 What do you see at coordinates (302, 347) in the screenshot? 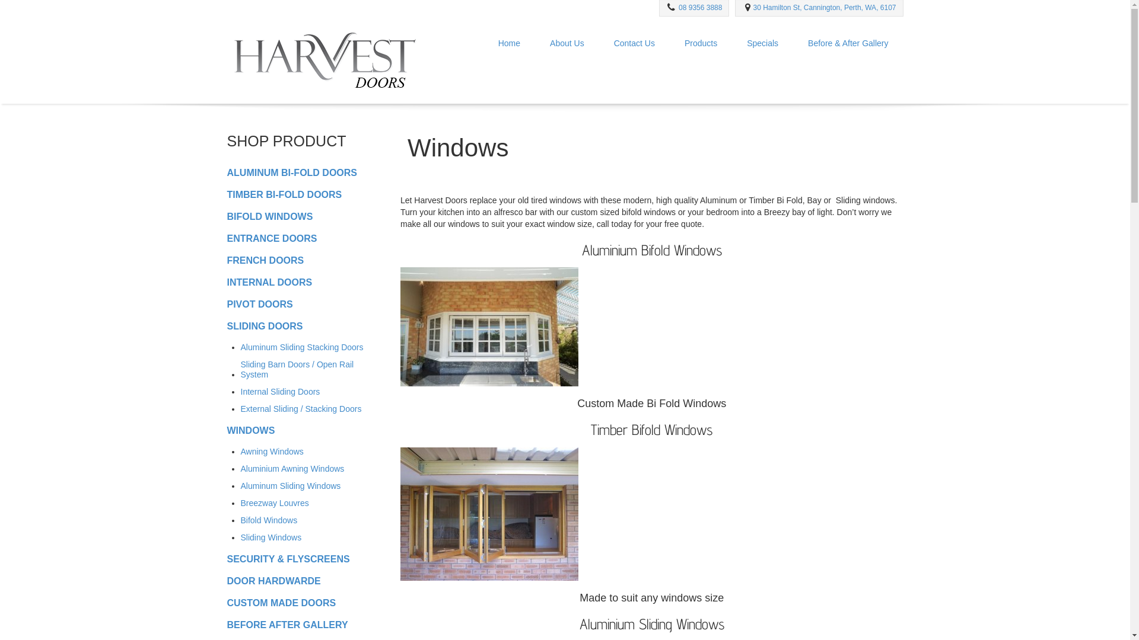
I see `'Aluminum Sliding Stacking Doors'` at bounding box center [302, 347].